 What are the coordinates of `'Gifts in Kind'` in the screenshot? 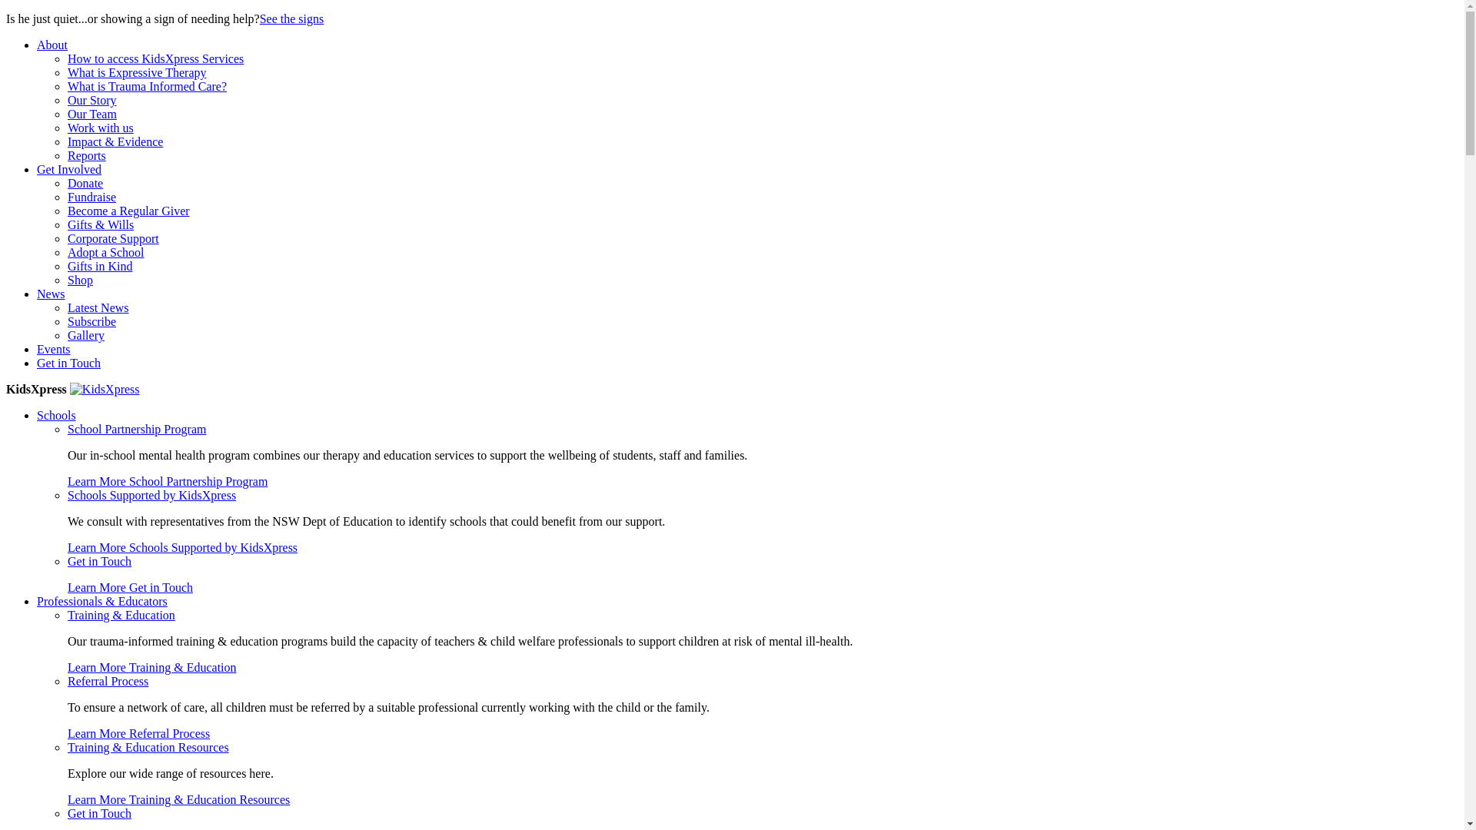 It's located at (98, 265).